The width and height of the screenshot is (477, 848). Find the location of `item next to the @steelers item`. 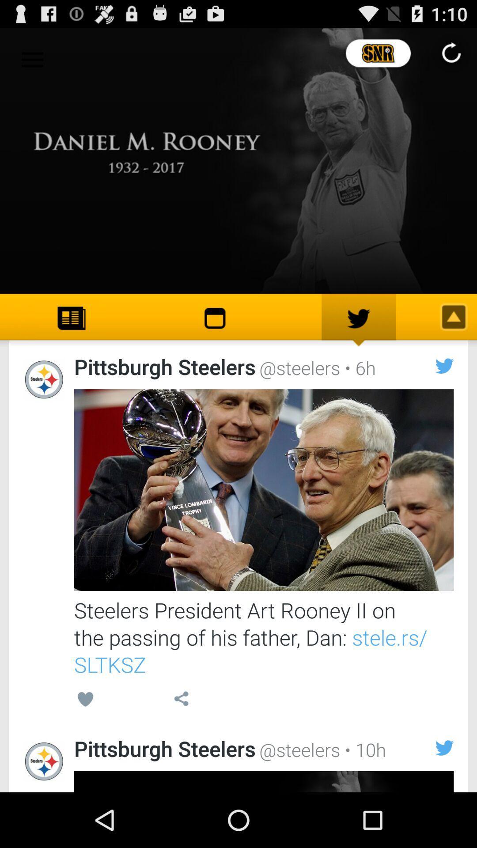

item next to the @steelers item is located at coordinates (363, 749).